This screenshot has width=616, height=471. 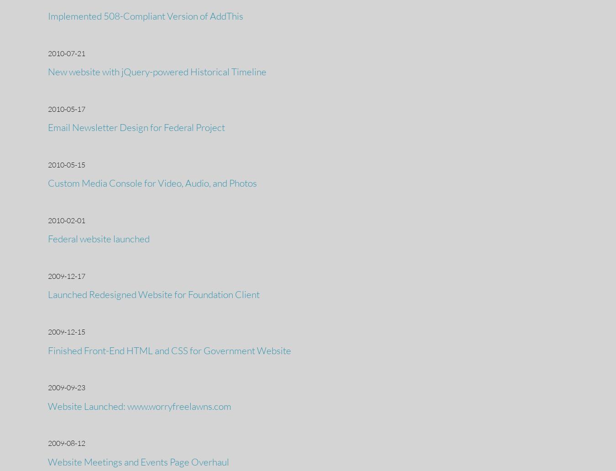 I want to click on '2009-09-23', so click(x=66, y=387).